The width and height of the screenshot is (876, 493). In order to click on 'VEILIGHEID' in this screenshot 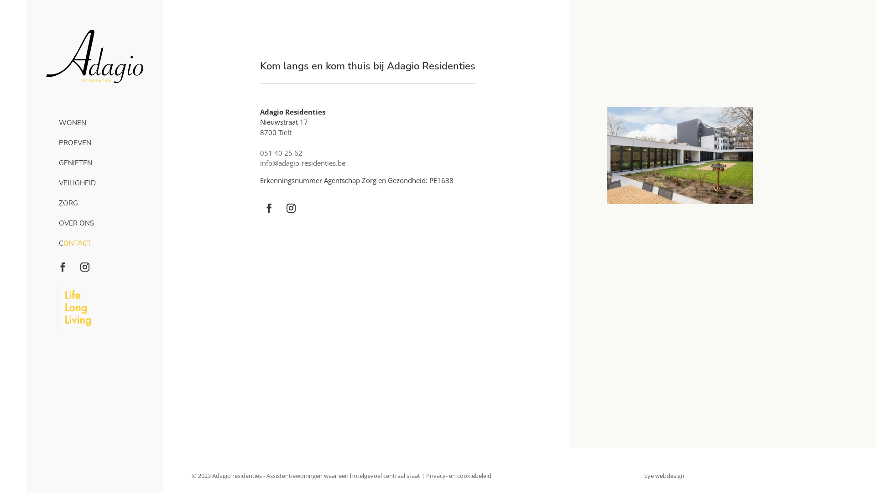, I will do `click(94, 183)`.